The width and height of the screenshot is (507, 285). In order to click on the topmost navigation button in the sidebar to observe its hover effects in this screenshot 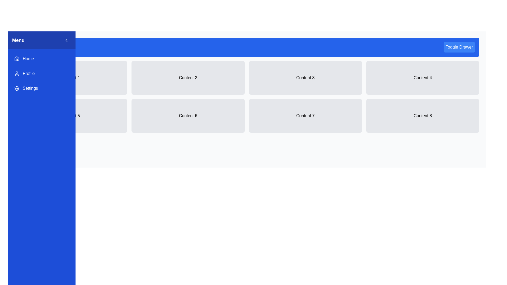, I will do `click(41, 59)`.